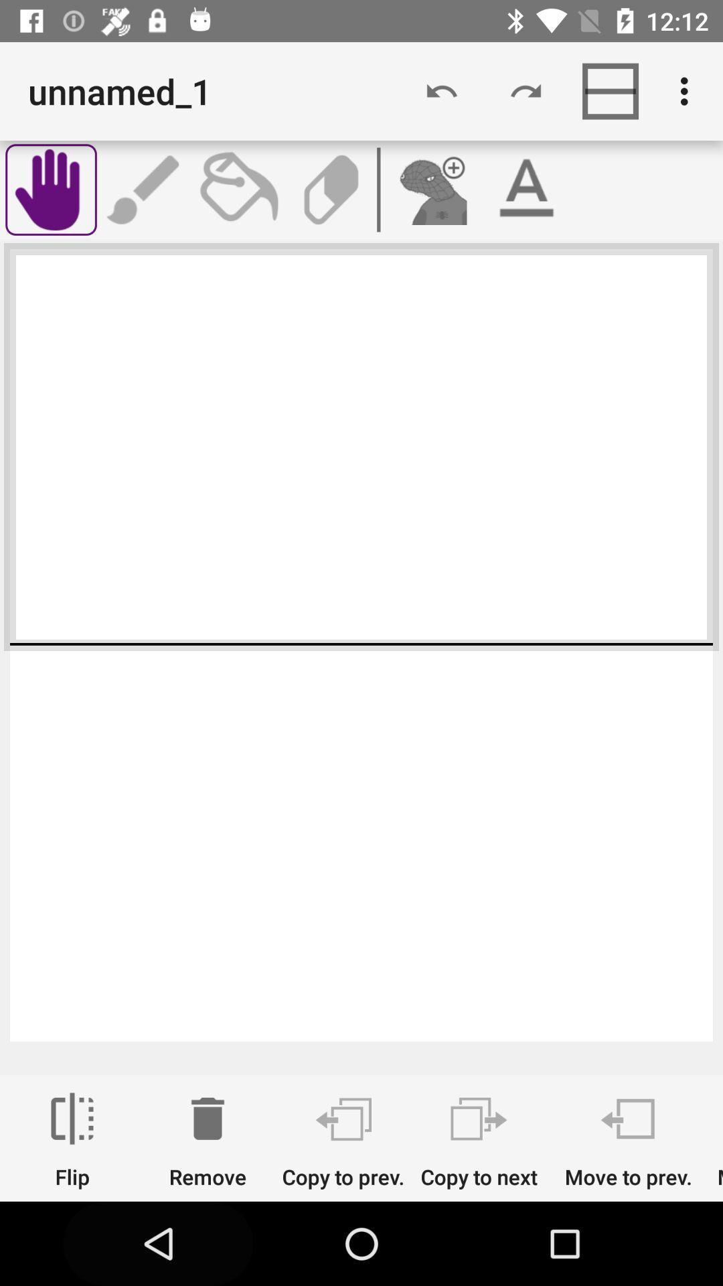 The width and height of the screenshot is (723, 1286). What do you see at coordinates (208, 1140) in the screenshot?
I see `remove item` at bounding box center [208, 1140].